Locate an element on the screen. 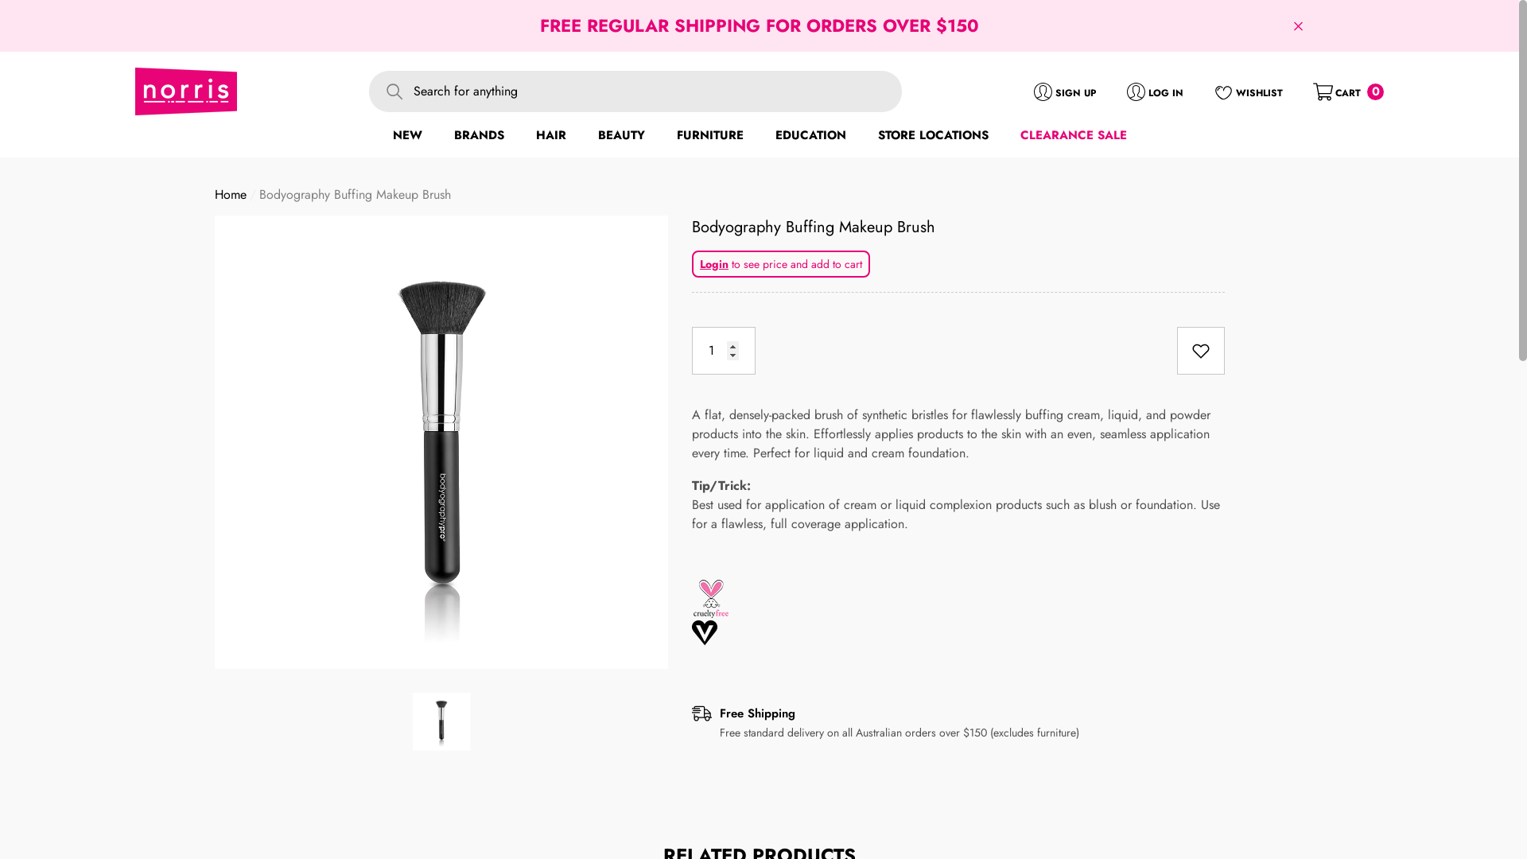 The height and width of the screenshot is (859, 1527). 'BEAUTY' is located at coordinates (620, 134).